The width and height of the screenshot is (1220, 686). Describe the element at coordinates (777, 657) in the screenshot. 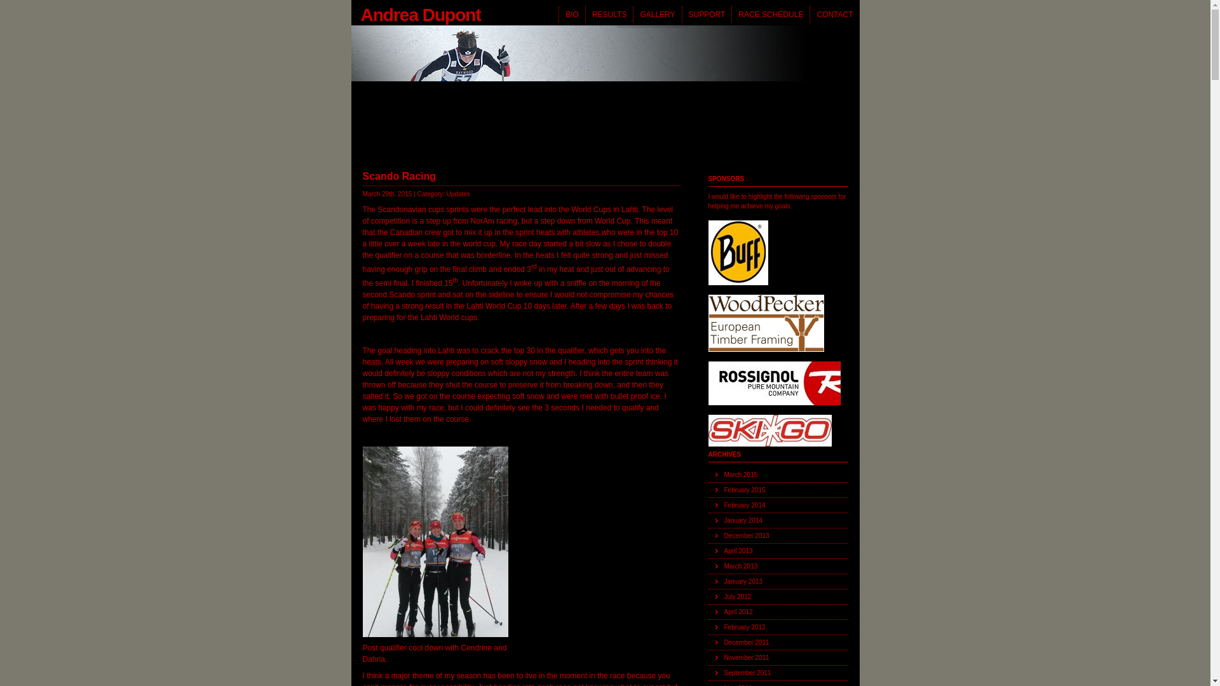

I see `'November 2011'` at that location.